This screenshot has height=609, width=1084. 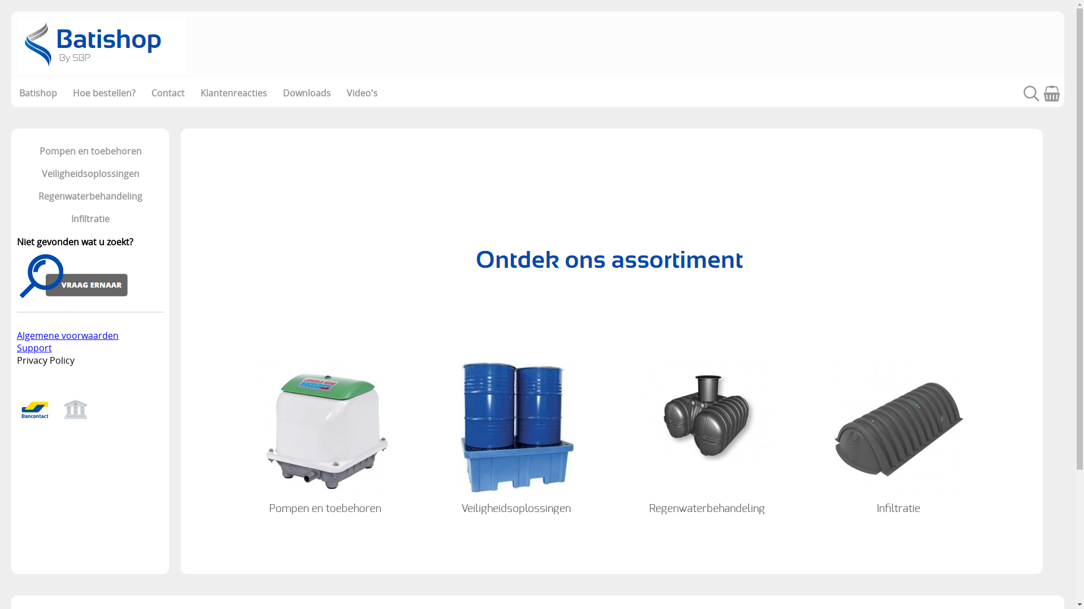 What do you see at coordinates (307, 92) in the screenshot?
I see `'Downloads'` at bounding box center [307, 92].